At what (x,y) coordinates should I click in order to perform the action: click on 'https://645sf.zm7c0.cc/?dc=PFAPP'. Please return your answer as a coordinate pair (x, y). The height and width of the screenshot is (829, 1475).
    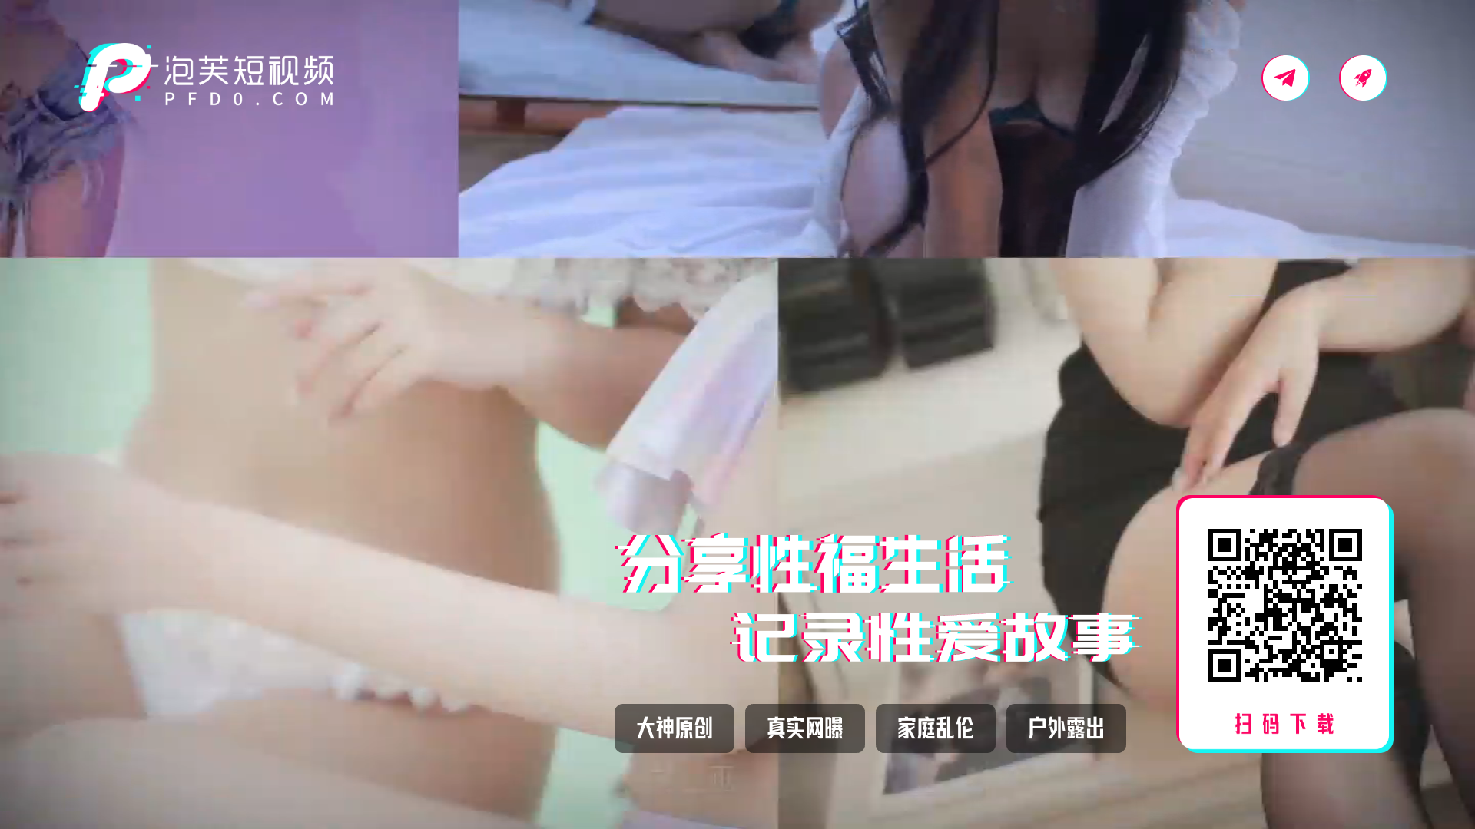
    Looking at the image, I should click on (1284, 605).